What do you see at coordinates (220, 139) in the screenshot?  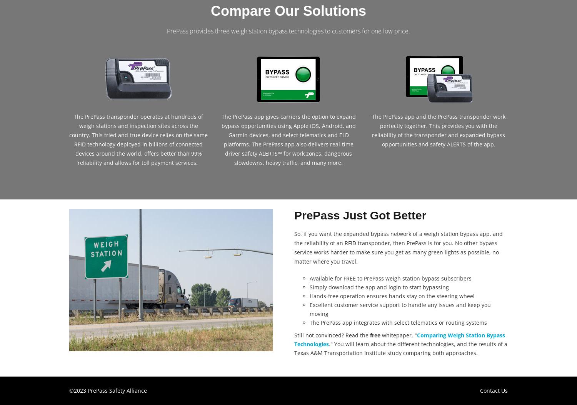 I see `'The PrePass app gives carriers the option to expand bypass opportunities using Apple iOS, Android, and Garmin devices, and select telematics and ELD platforms. The PrePass app also delivers real-time driver safety ALERTS™ for work zones, dangerous slowdowns, heavy traffic, and many more.'` at bounding box center [220, 139].